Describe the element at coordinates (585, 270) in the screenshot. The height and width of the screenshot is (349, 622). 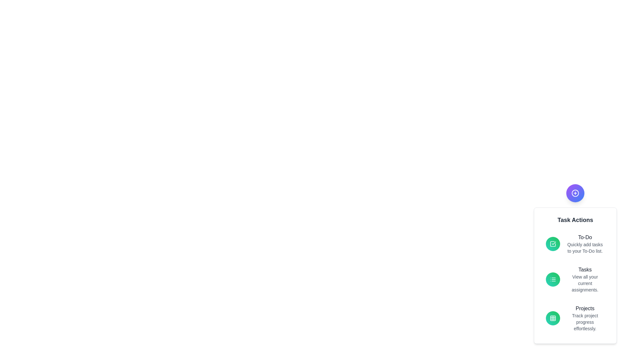
I see `the action Tasks from the Task Actions menu` at that location.